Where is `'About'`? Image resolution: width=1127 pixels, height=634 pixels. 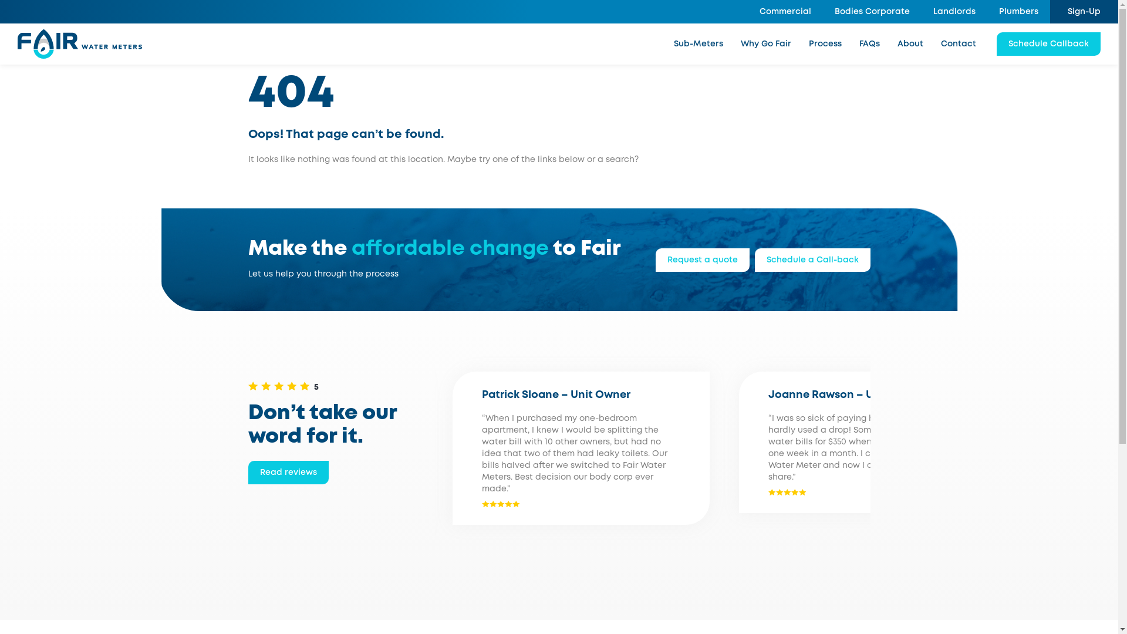
'About' is located at coordinates (909, 43).